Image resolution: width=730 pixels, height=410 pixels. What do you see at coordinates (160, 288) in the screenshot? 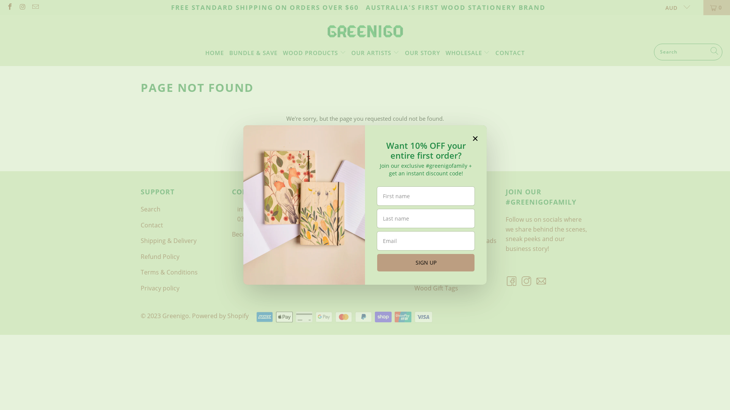
I see `'Privacy policy'` at bounding box center [160, 288].